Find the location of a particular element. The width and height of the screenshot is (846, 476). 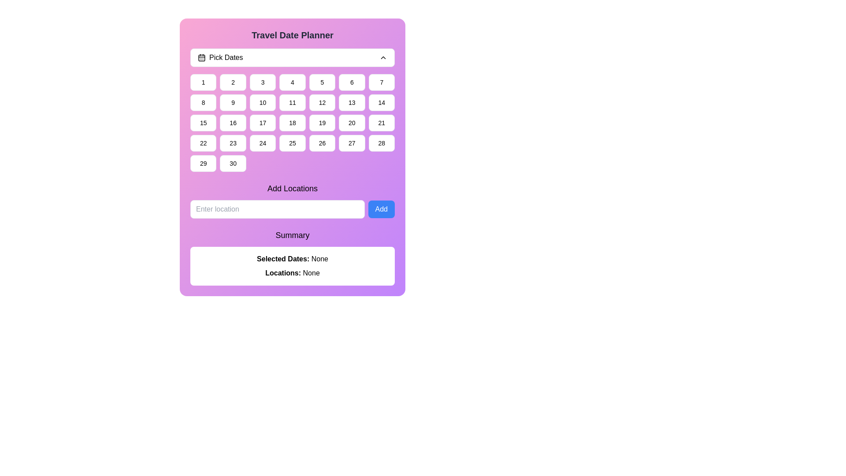

the display-only text label that shows the currently selected dates, located under the heading 'Summary' in the lower central area of the interface is located at coordinates (292, 258).